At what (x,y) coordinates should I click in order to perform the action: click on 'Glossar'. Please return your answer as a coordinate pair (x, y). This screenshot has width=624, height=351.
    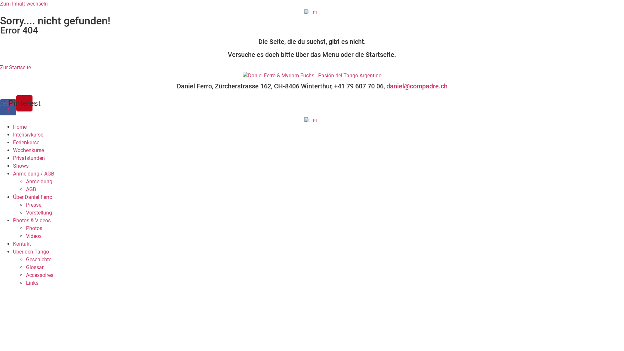
    Looking at the image, I should click on (34, 267).